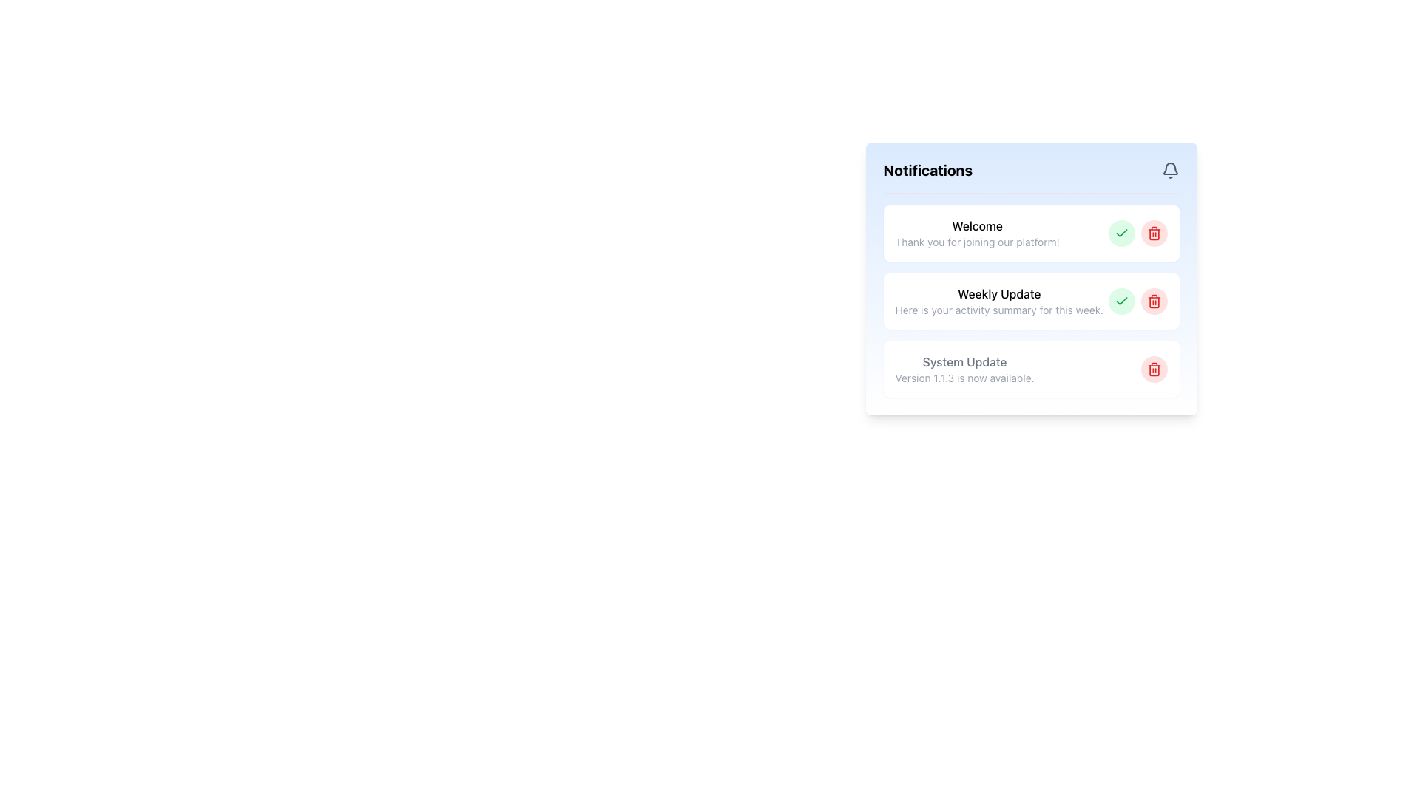 The image size is (1420, 798). Describe the element at coordinates (1153, 369) in the screenshot. I see `the red circular button with a white trash can icon located at the far right of the 'System Update - Version 1.1.3 is now available.' notification` at that location.